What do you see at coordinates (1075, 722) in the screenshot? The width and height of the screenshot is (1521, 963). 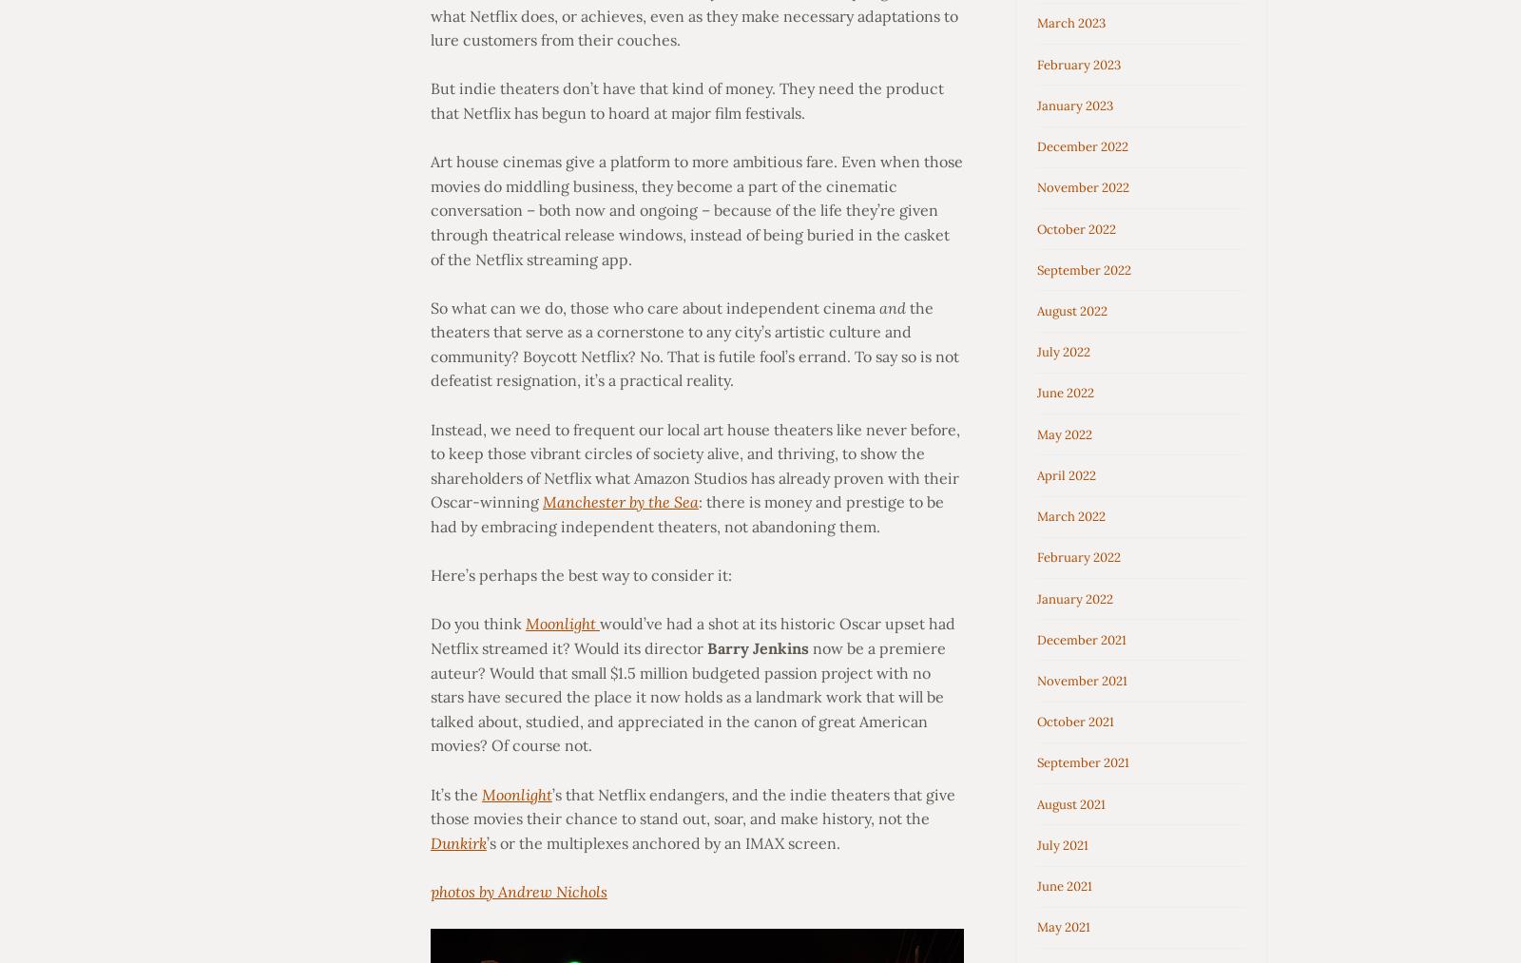 I see `'October 2021'` at bounding box center [1075, 722].